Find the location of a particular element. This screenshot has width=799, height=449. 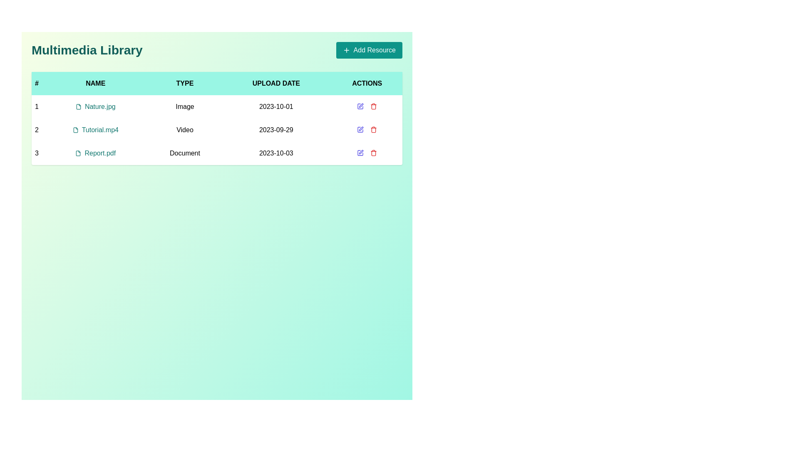

the red trash can icon button is located at coordinates (373, 106).